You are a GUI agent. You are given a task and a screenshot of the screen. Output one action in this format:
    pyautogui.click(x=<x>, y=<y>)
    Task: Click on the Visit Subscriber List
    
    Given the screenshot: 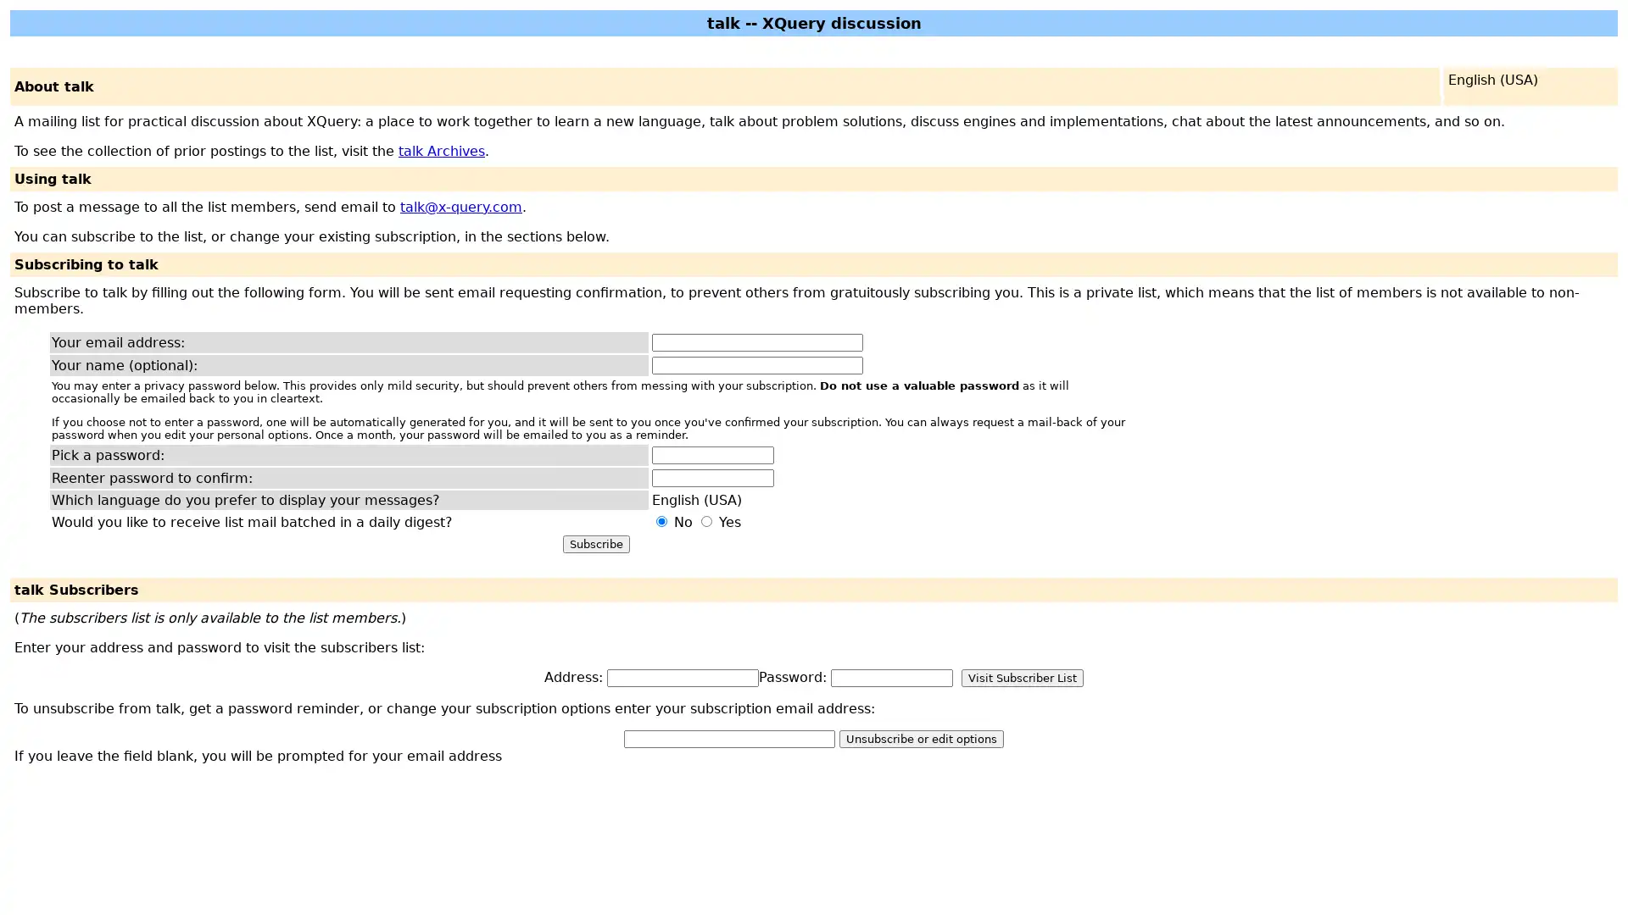 What is the action you would take?
    pyautogui.click(x=1021, y=677)
    